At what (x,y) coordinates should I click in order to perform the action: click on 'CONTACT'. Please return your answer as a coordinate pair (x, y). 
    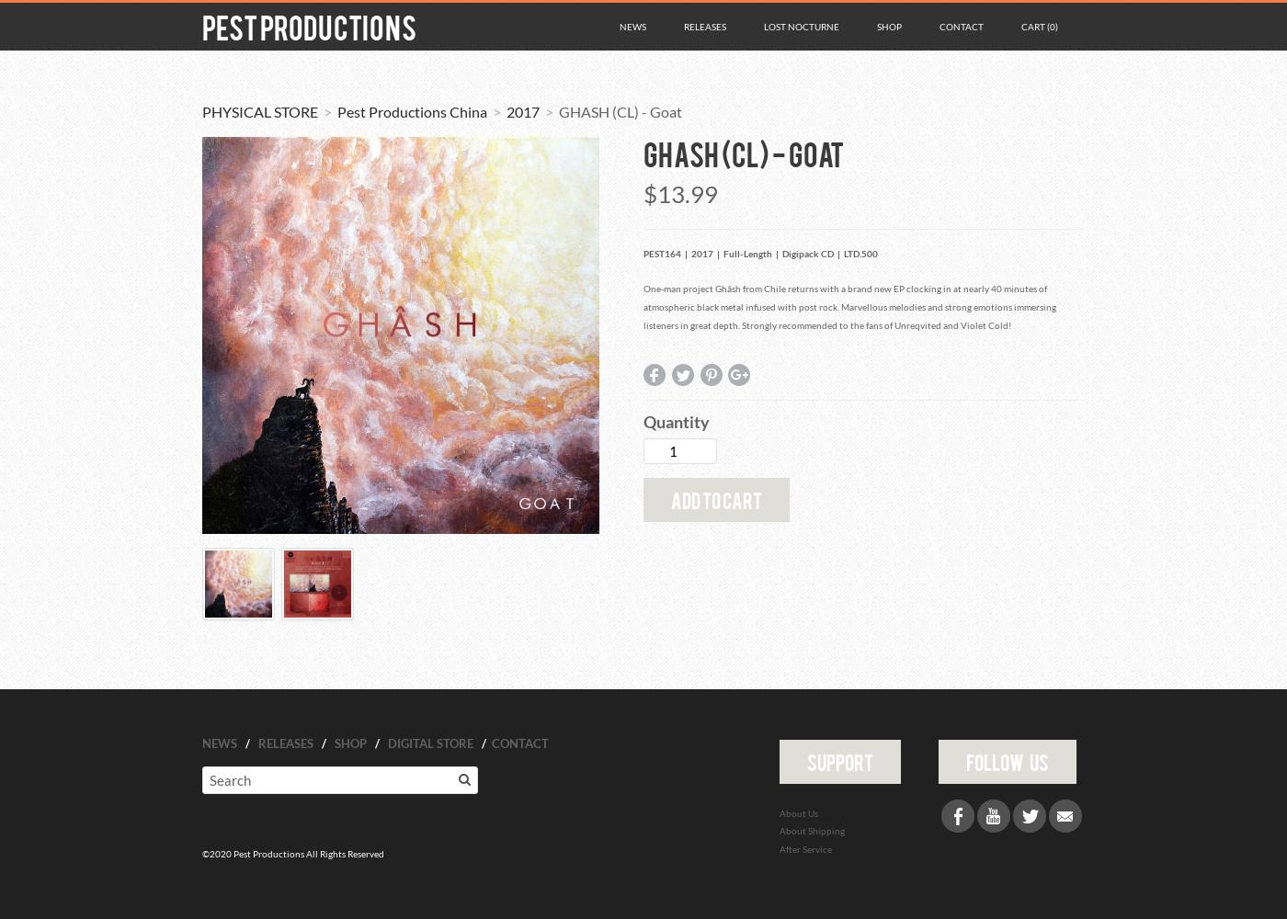
    Looking at the image, I should click on (520, 743).